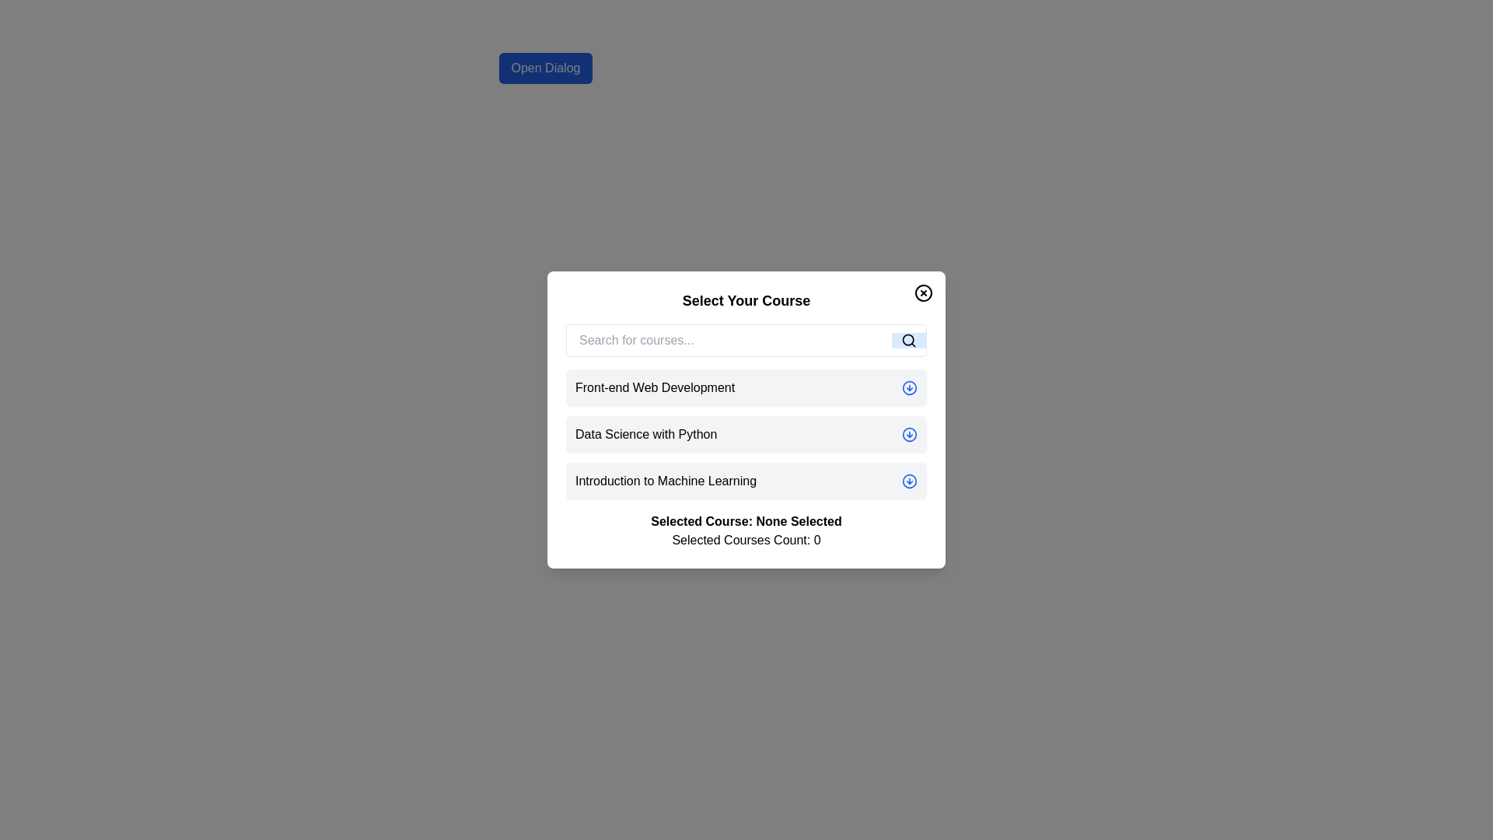 The image size is (1493, 840). Describe the element at coordinates (746, 539) in the screenshot. I see `the label displaying 'Selected Courses Count: 0', which is centrally located at the bottom of the dialog box, following the text 'Selected Course: None Selected'` at that location.